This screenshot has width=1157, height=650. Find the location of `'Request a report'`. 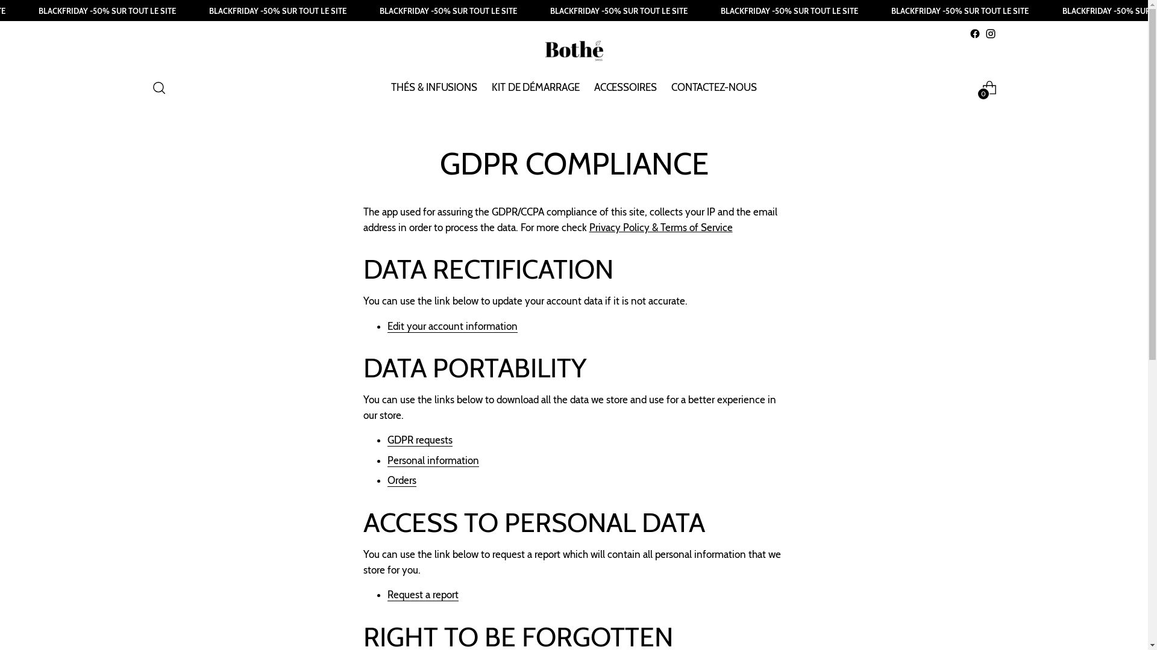

'Request a report' is located at coordinates (422, 594).